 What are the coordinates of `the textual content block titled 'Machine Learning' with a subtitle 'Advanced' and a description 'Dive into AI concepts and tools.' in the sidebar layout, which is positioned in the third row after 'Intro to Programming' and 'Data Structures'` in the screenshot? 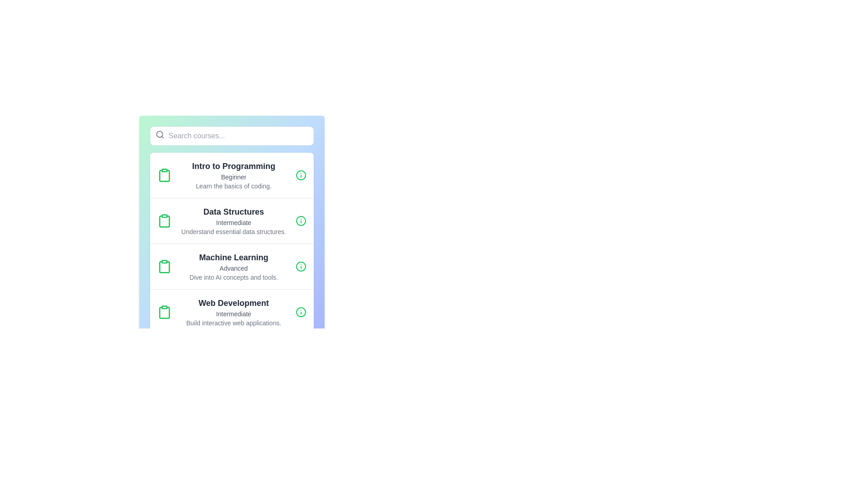 It's located at (234, 266).